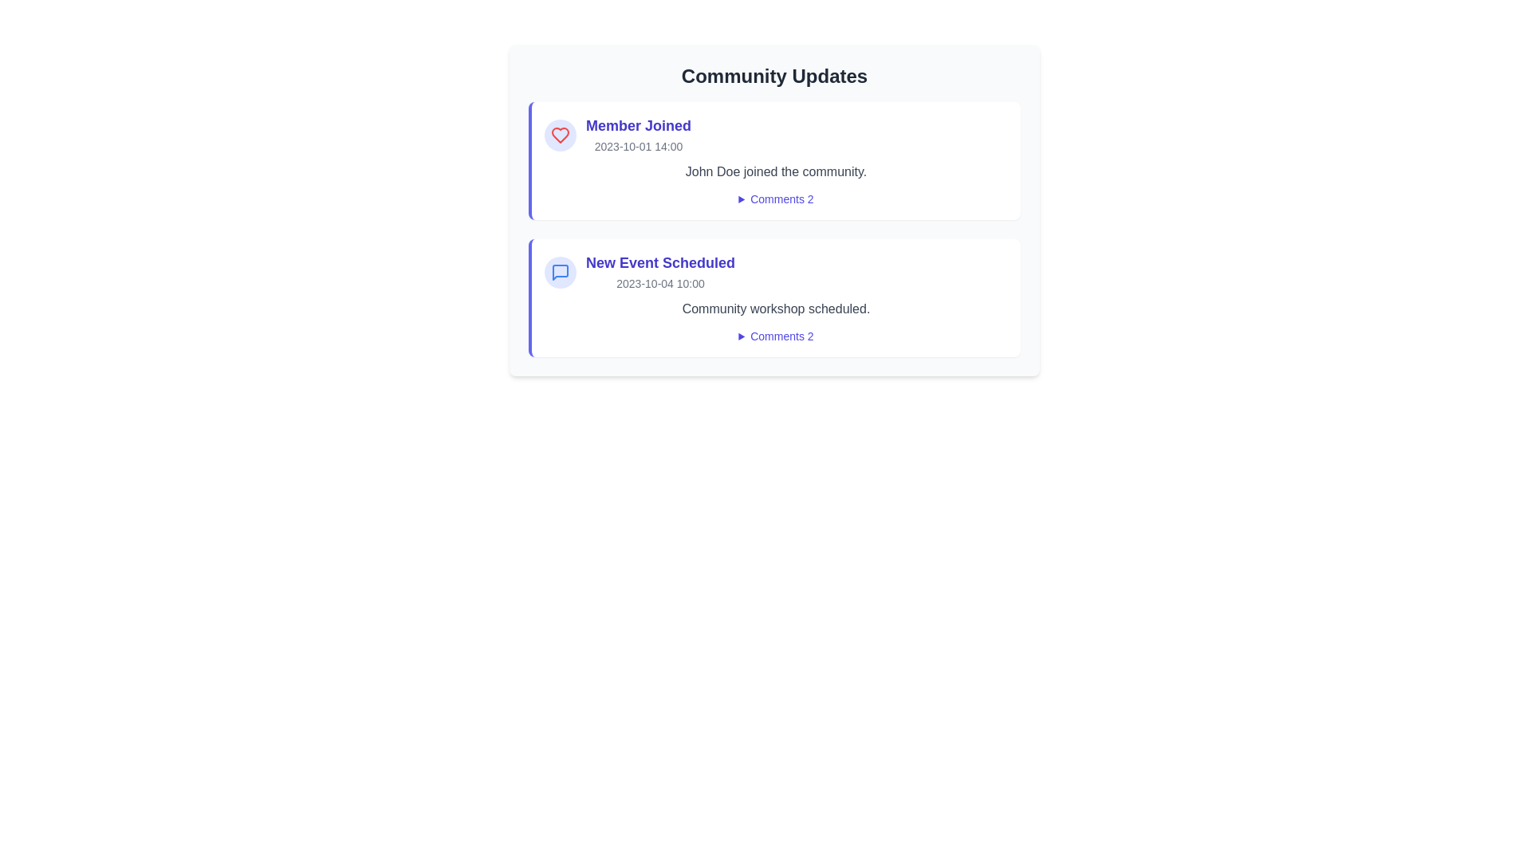  What do you see at coordinates (639, 147) in the screenshot?
I see `timestamp displayed as '2023-10-01 14:00' which is a line of gray text positioned below the 'Member Joined' text in the 'Community Updates' panel` at bounding box center [639, 147].